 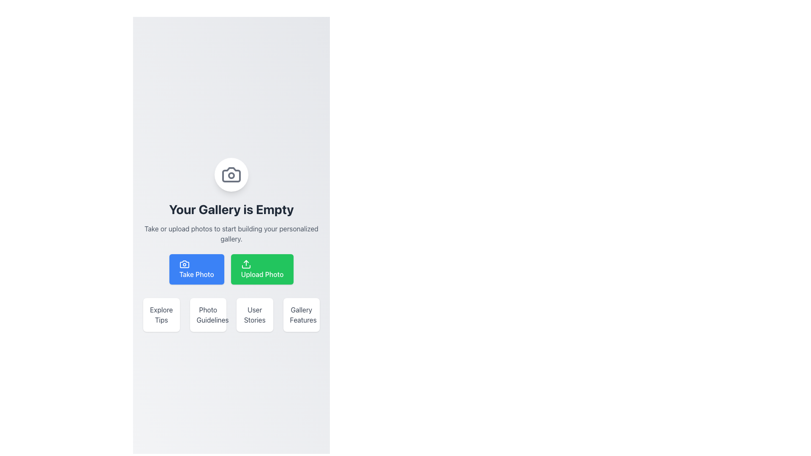 What do you see at coordinates (261, 269) in the screenshot?
I see `the green rectangular button labeled 'Upload Photo' with an upload arrow icon` at bounding box center [261, 269].